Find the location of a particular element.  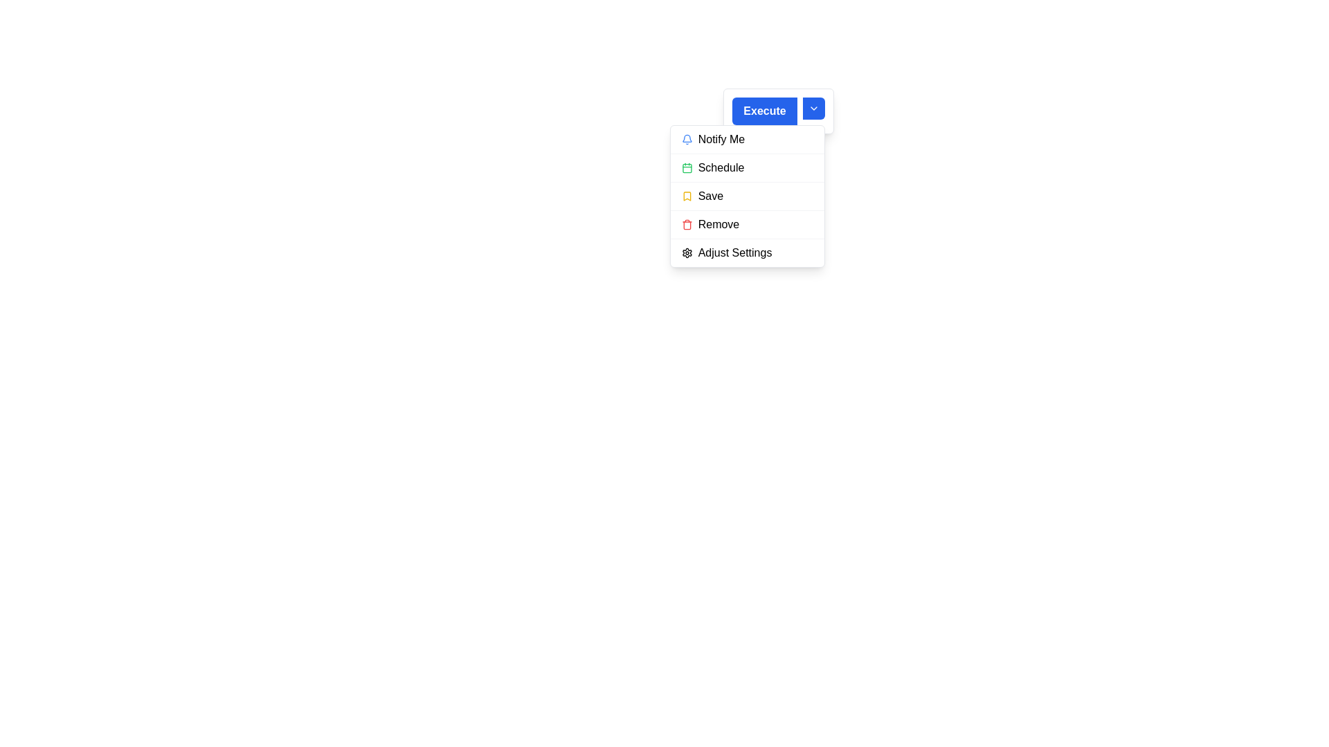

the second option in the vertical dropdown menu below the blue 'Execute' button is located at coordinates (746, 167).